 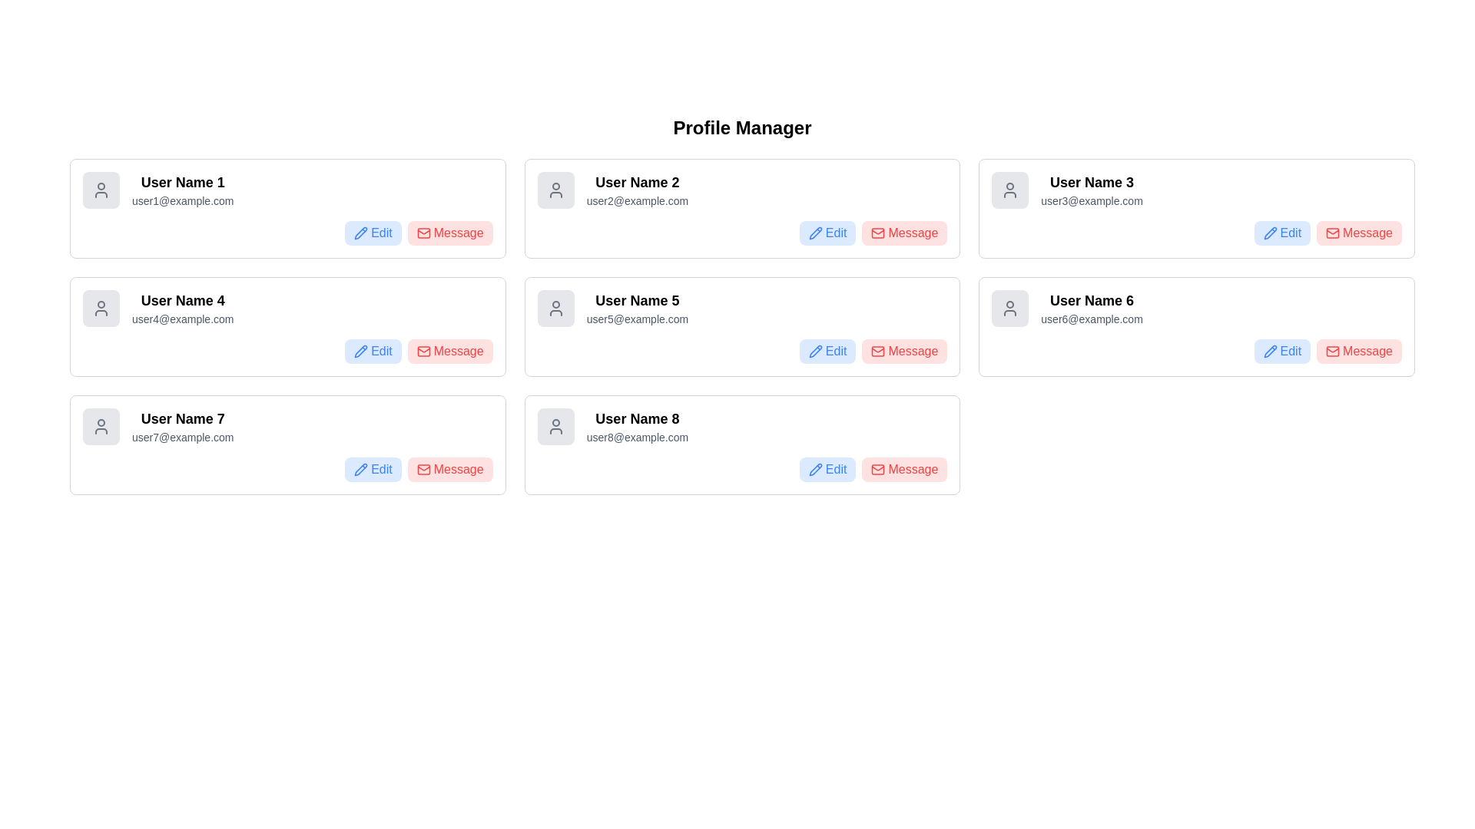 I want to click on the user avatar icon for 'User Name 1' located in the top-left corner of the Profile Manager interface, so click(x=101, y=189).